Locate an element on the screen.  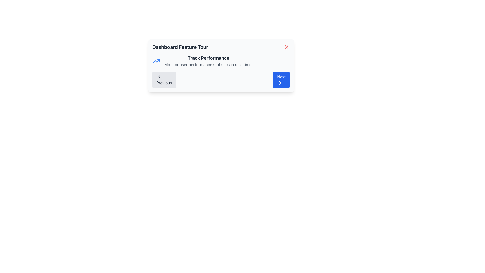
the 'Previous' button, which is a light gray rectangular button with rounded corners and a leftward-pointing chevron icon is located at coordinates (164, 80).